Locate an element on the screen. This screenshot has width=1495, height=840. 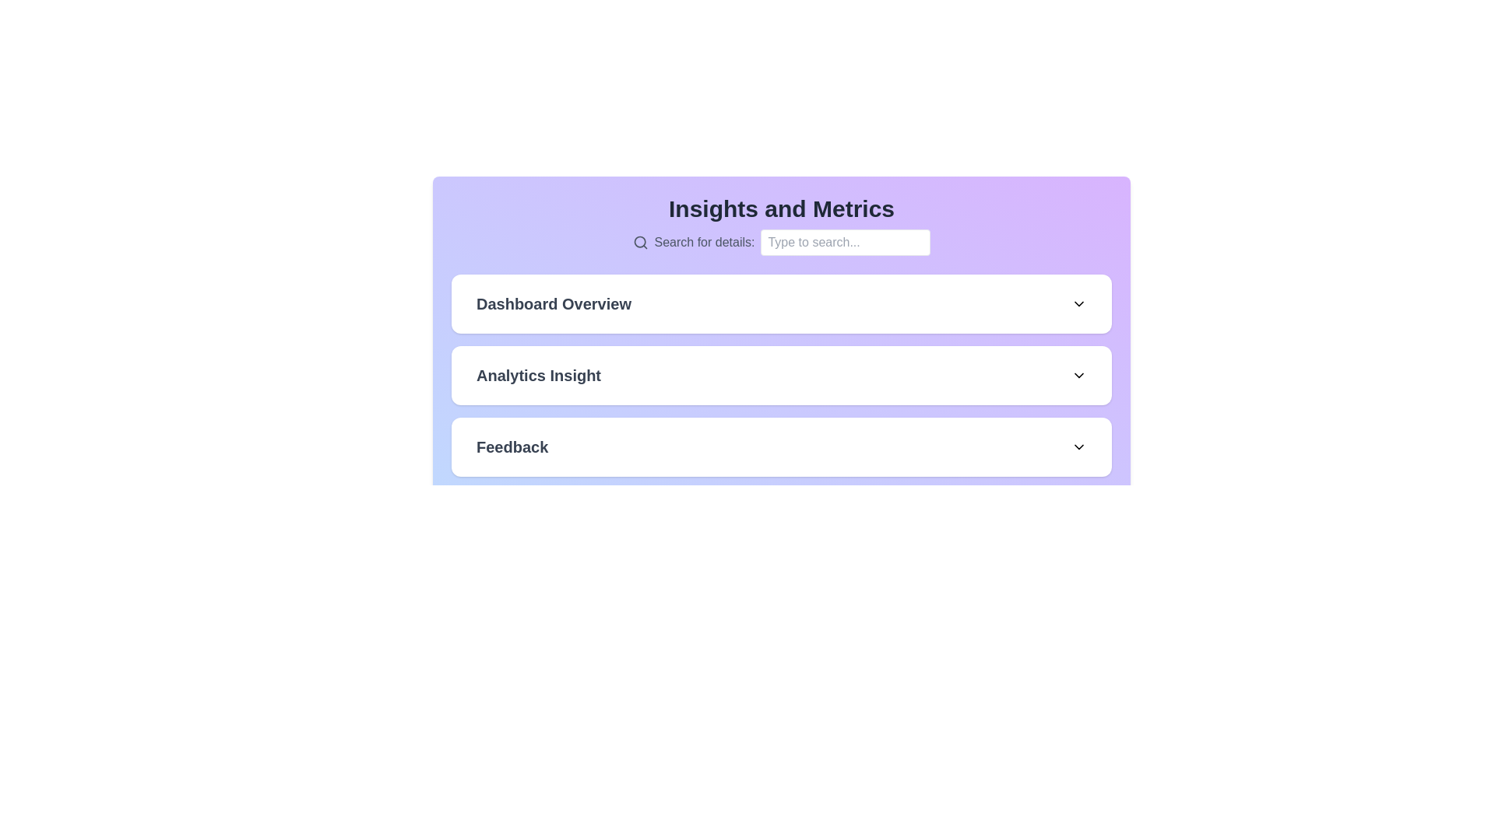
the Chevron Downward icon located to the far right of the 'Dashboard Overview' section is located at coordinates (1078, 303).